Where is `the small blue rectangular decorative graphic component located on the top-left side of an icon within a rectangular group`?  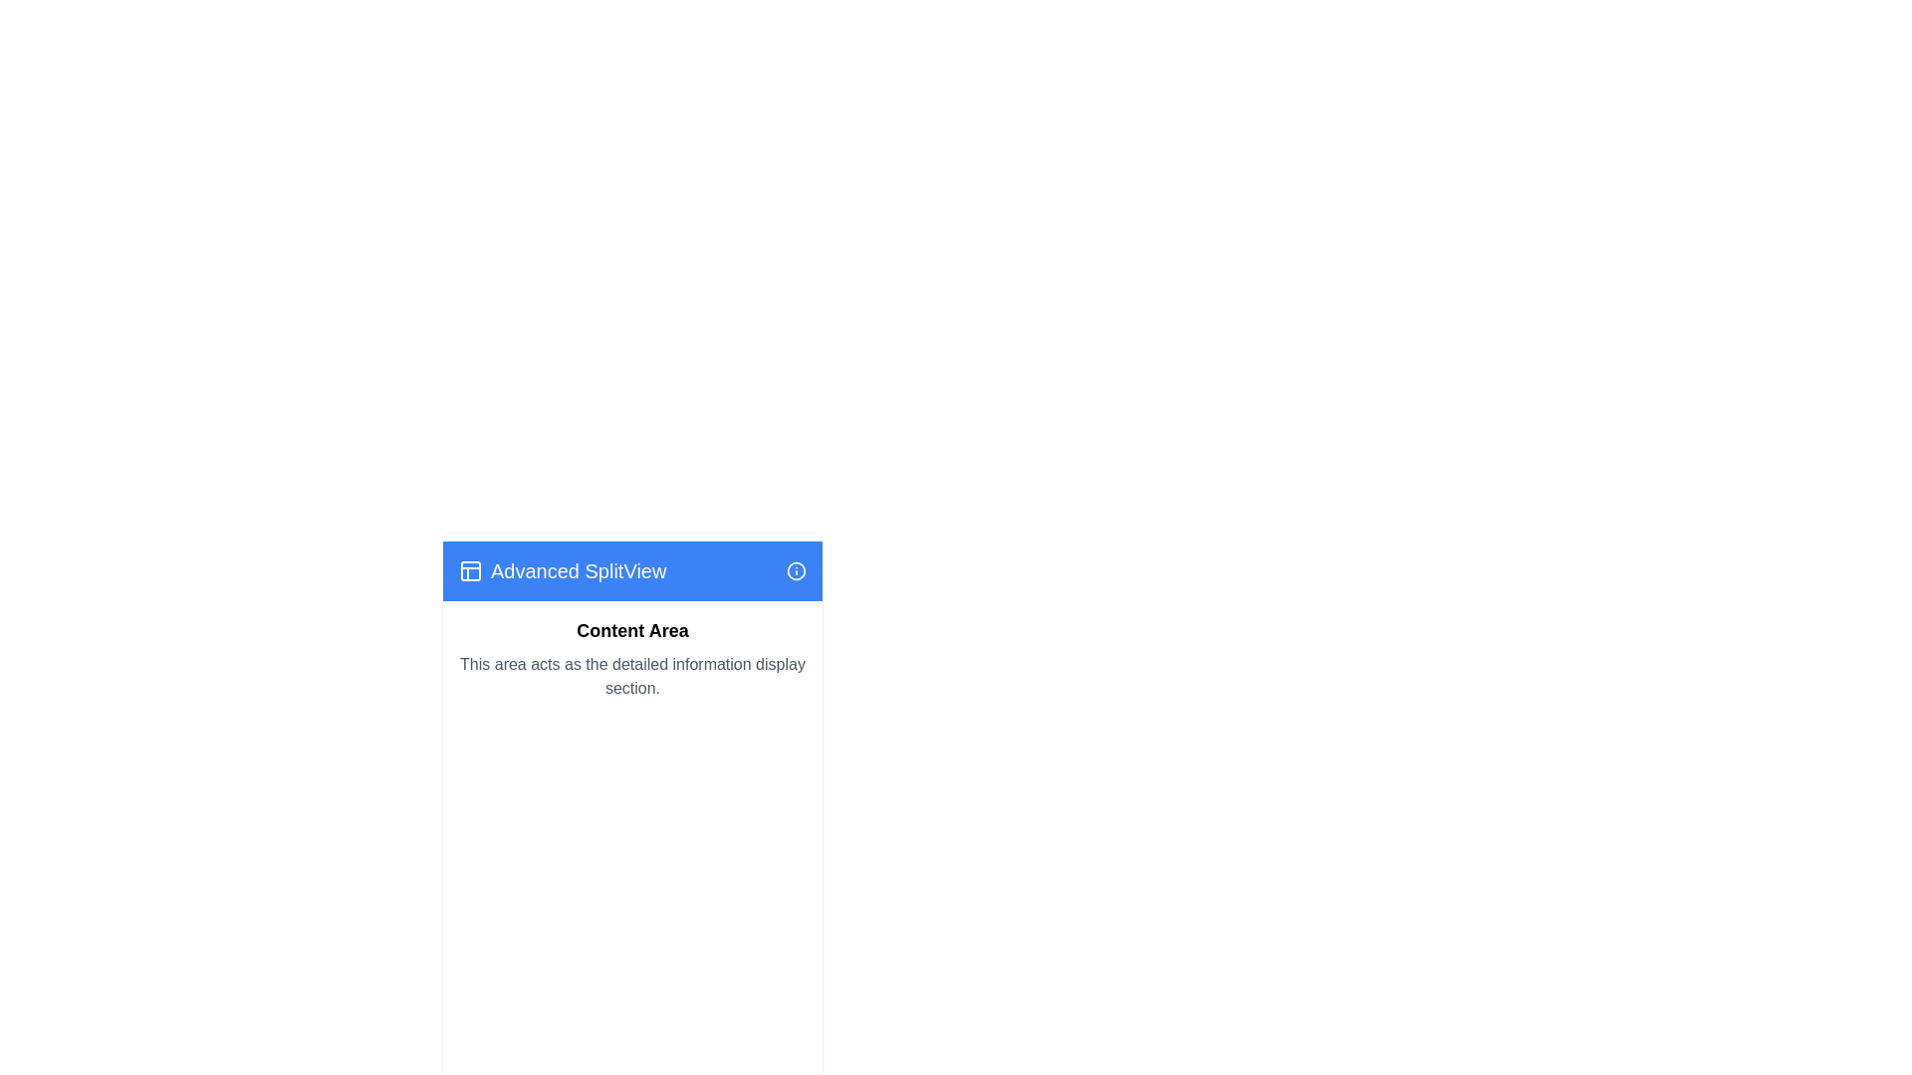
the small blue rectangular decorative graphic component located on the top-left side of an icon within a rectangular group is located at coordinates (470, 571).